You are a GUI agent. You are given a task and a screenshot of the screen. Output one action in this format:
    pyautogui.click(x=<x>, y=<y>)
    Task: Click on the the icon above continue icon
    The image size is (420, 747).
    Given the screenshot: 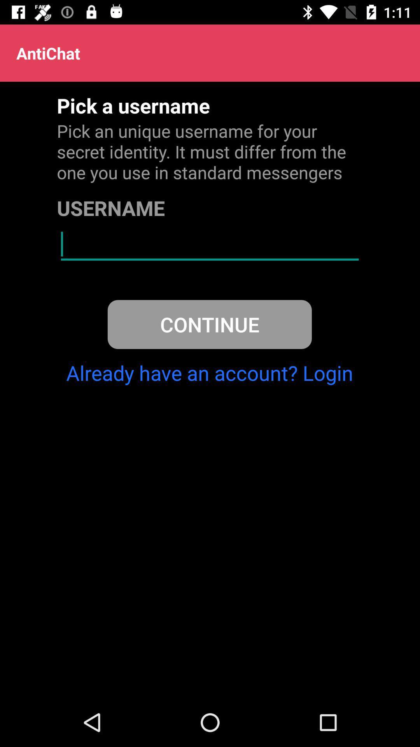 What is the action you would take?
    pyautogui.click(x=209, y=244)
    